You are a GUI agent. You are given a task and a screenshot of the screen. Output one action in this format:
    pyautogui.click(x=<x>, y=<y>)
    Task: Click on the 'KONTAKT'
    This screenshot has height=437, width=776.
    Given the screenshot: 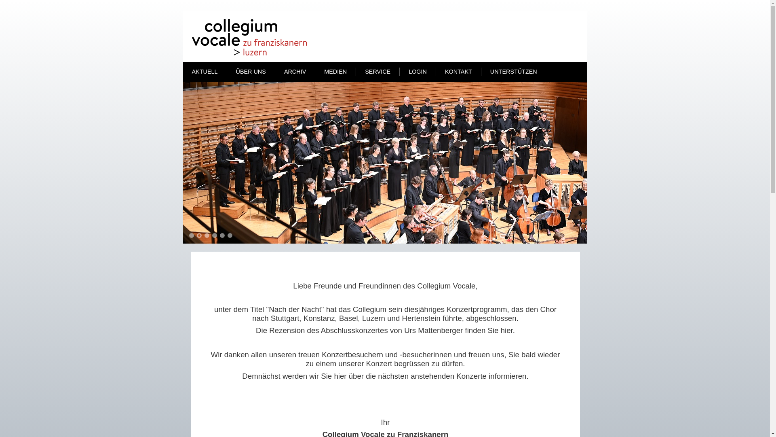 What is the action you would take?
    pyautogui.click(x=439, y=71)
    